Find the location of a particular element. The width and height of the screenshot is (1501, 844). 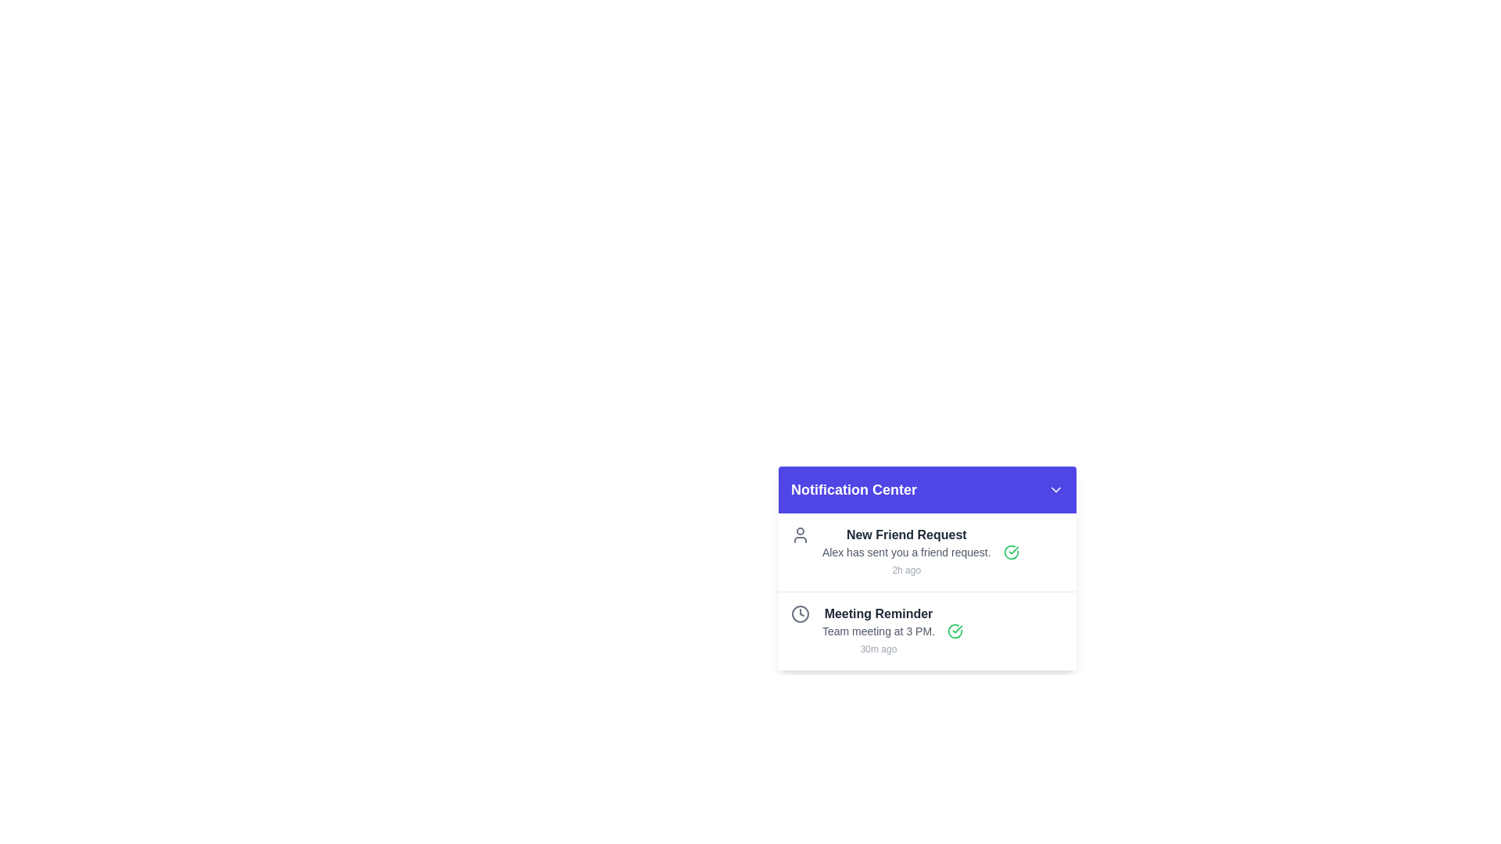

the 'New Friend Request' notification in the Notification Center for accessibility purposes is located at coordinates (906, 551).